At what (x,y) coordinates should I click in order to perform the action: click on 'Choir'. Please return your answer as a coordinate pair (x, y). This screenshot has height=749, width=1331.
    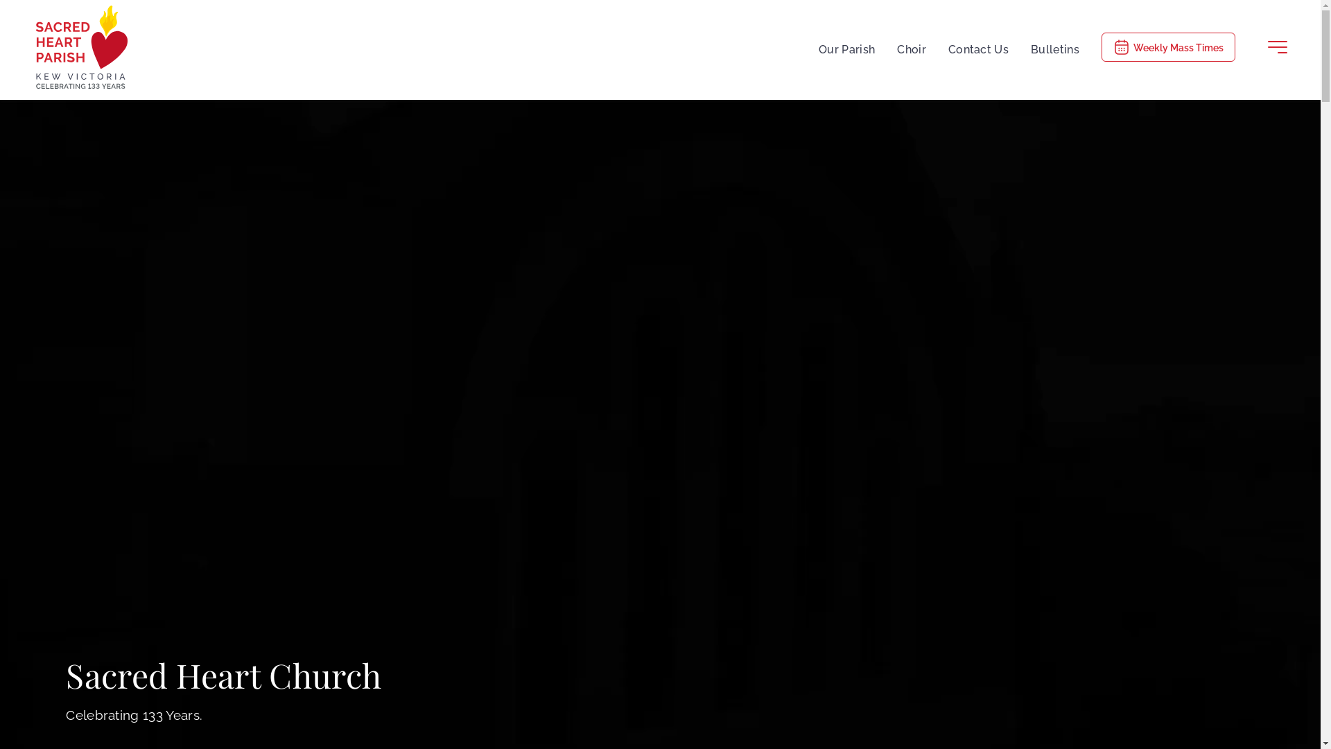
    Looking at the image, I should click on (912, 46).